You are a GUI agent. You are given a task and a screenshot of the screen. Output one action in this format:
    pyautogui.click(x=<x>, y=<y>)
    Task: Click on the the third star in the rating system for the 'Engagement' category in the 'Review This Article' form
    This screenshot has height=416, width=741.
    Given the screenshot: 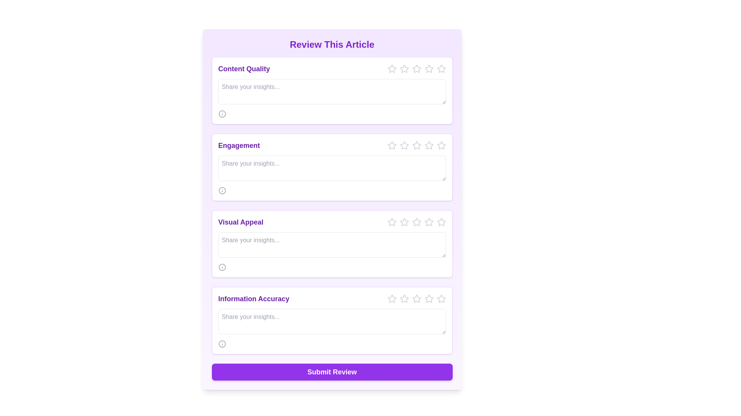 What is the action you would take?
    pyautogui.click(x=416, y=146)
    